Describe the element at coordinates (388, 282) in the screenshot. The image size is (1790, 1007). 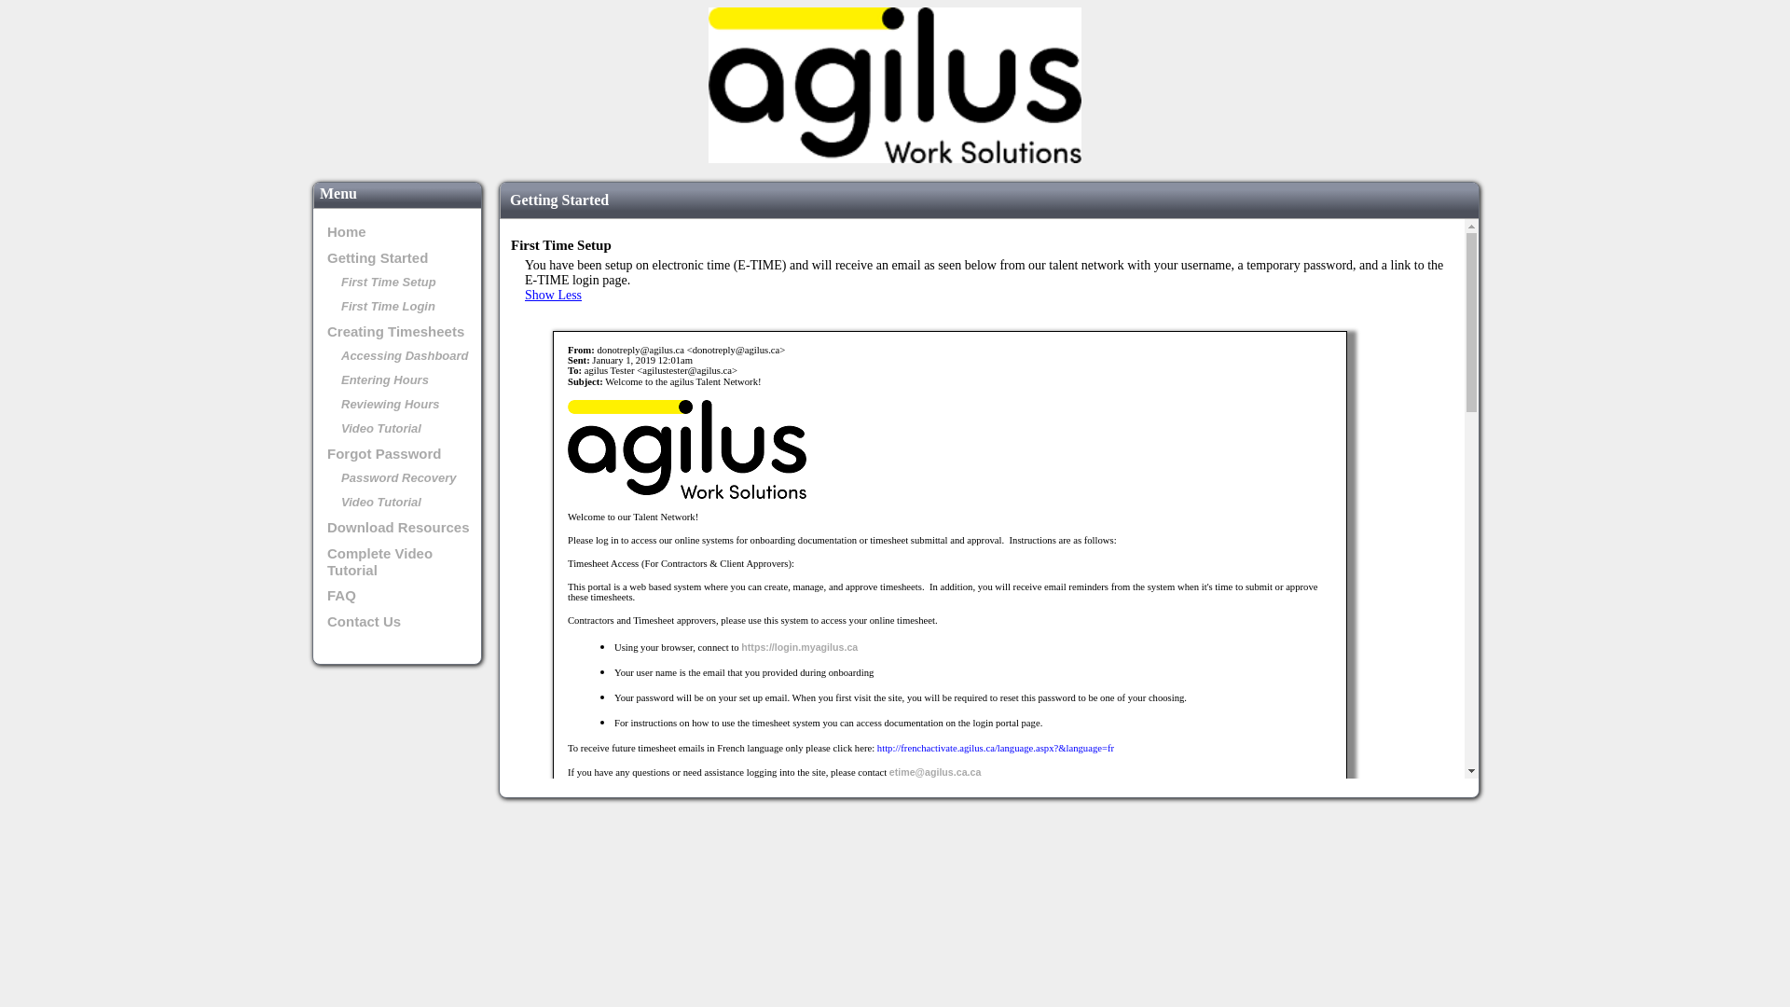
I see `'First Time Setup'` at that location.